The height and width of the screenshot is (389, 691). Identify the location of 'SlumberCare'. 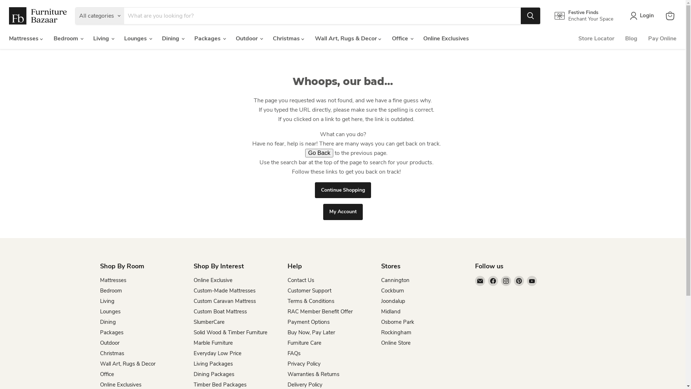
(208, 322).